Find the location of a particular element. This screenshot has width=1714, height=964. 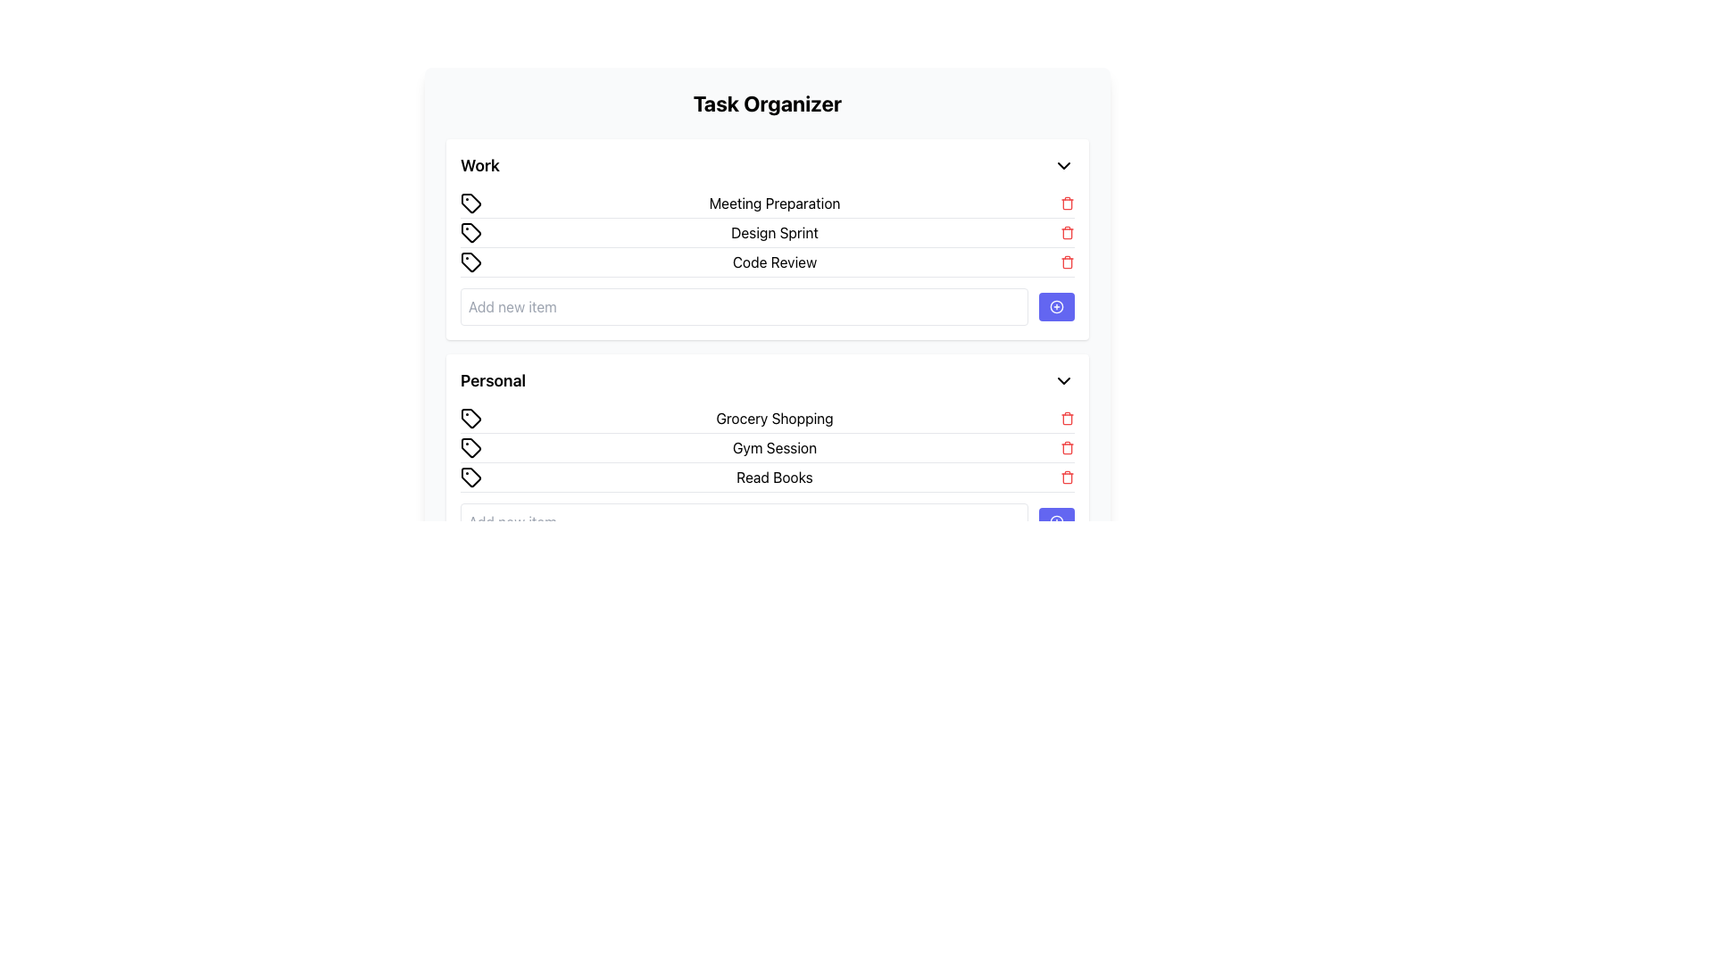

task description for the 'Read Books' item located in the 'Personal' section, which is the third item below 'Gym Session' is located at coordinates (767, 477).